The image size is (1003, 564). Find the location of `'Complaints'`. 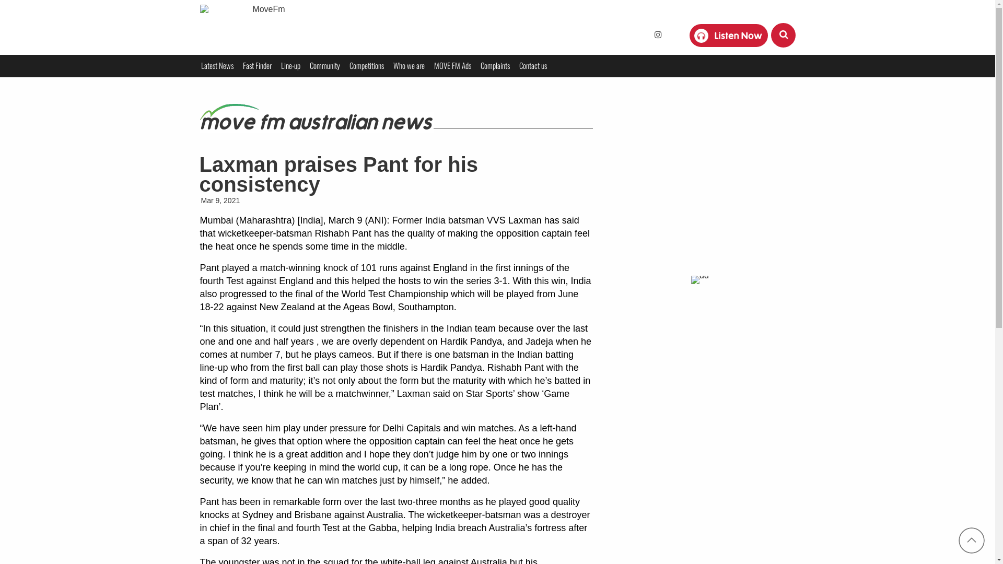

'Complaints' is located at coordinates (475, 66).